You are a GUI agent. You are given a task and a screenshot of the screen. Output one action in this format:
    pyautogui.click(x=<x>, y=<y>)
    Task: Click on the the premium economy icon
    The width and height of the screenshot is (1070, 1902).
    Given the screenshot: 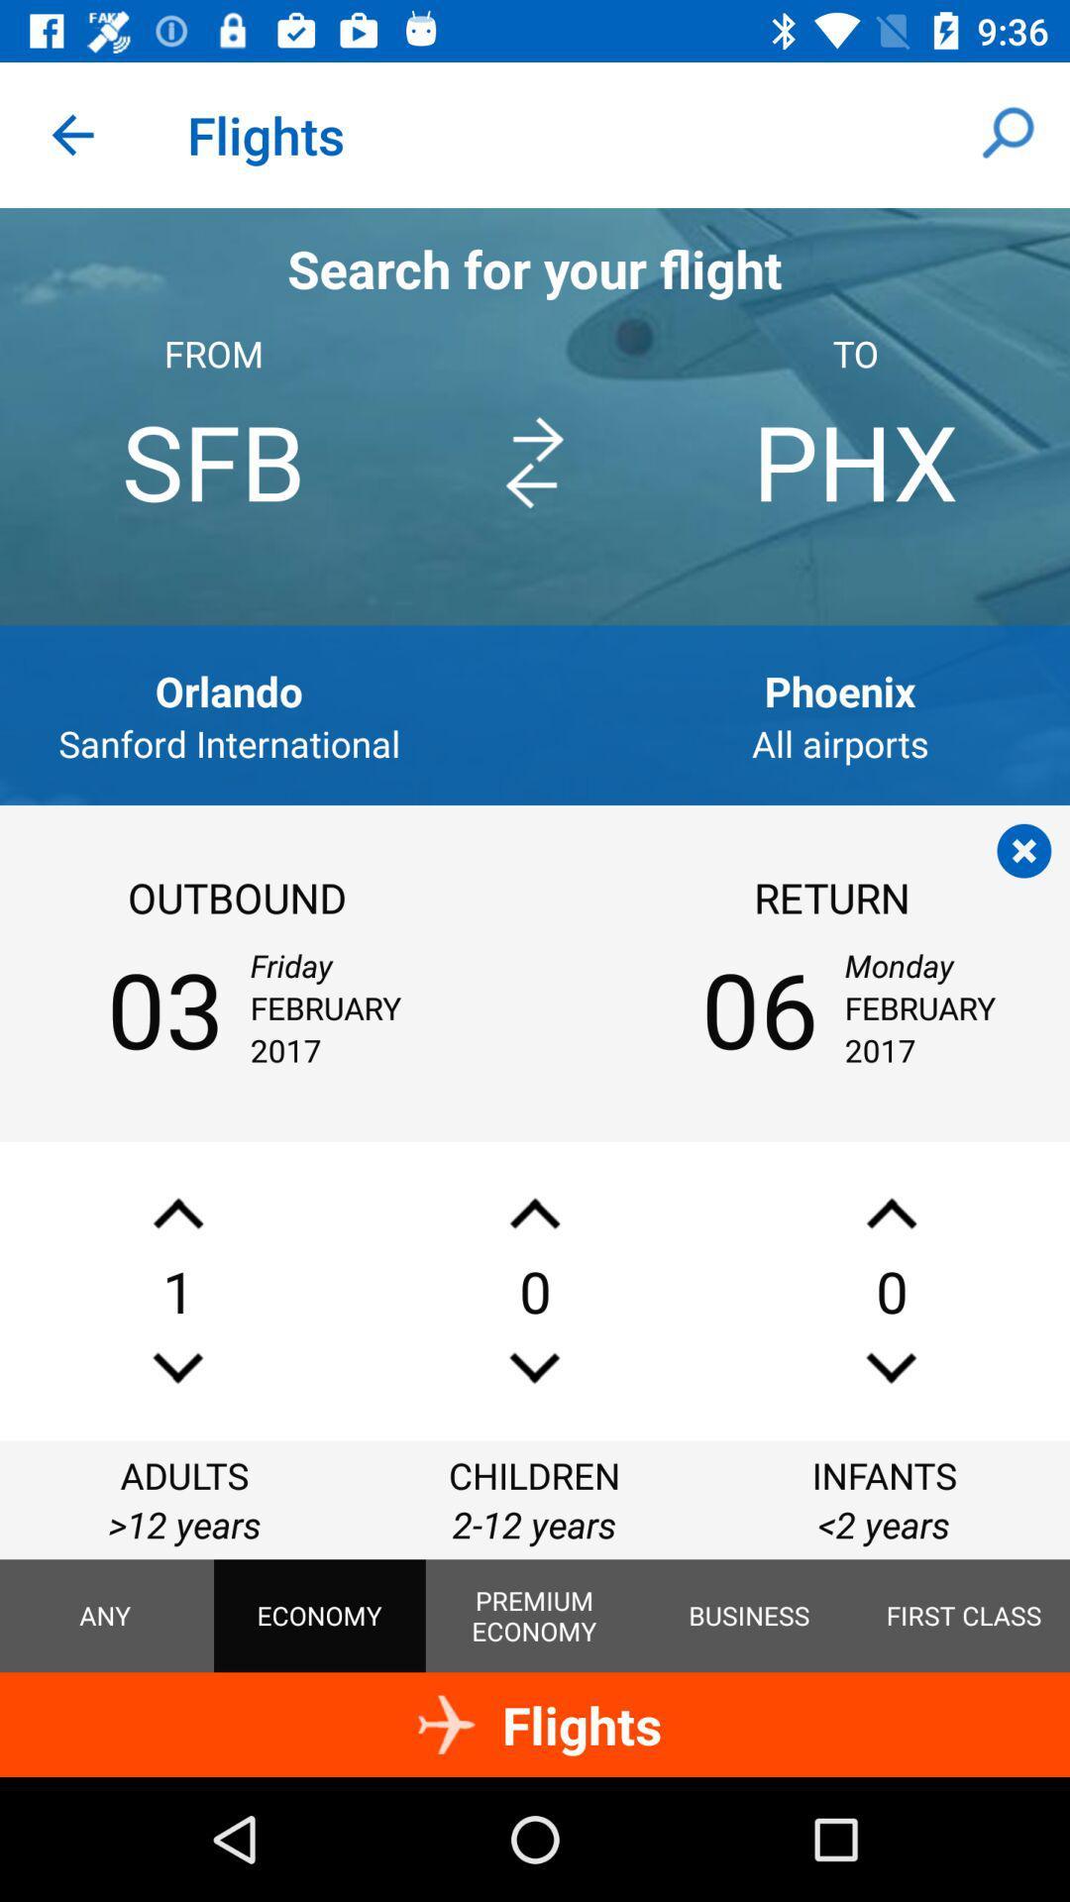 What is the action you would take?
    pyautogui.click(x=533, y=1616)
    